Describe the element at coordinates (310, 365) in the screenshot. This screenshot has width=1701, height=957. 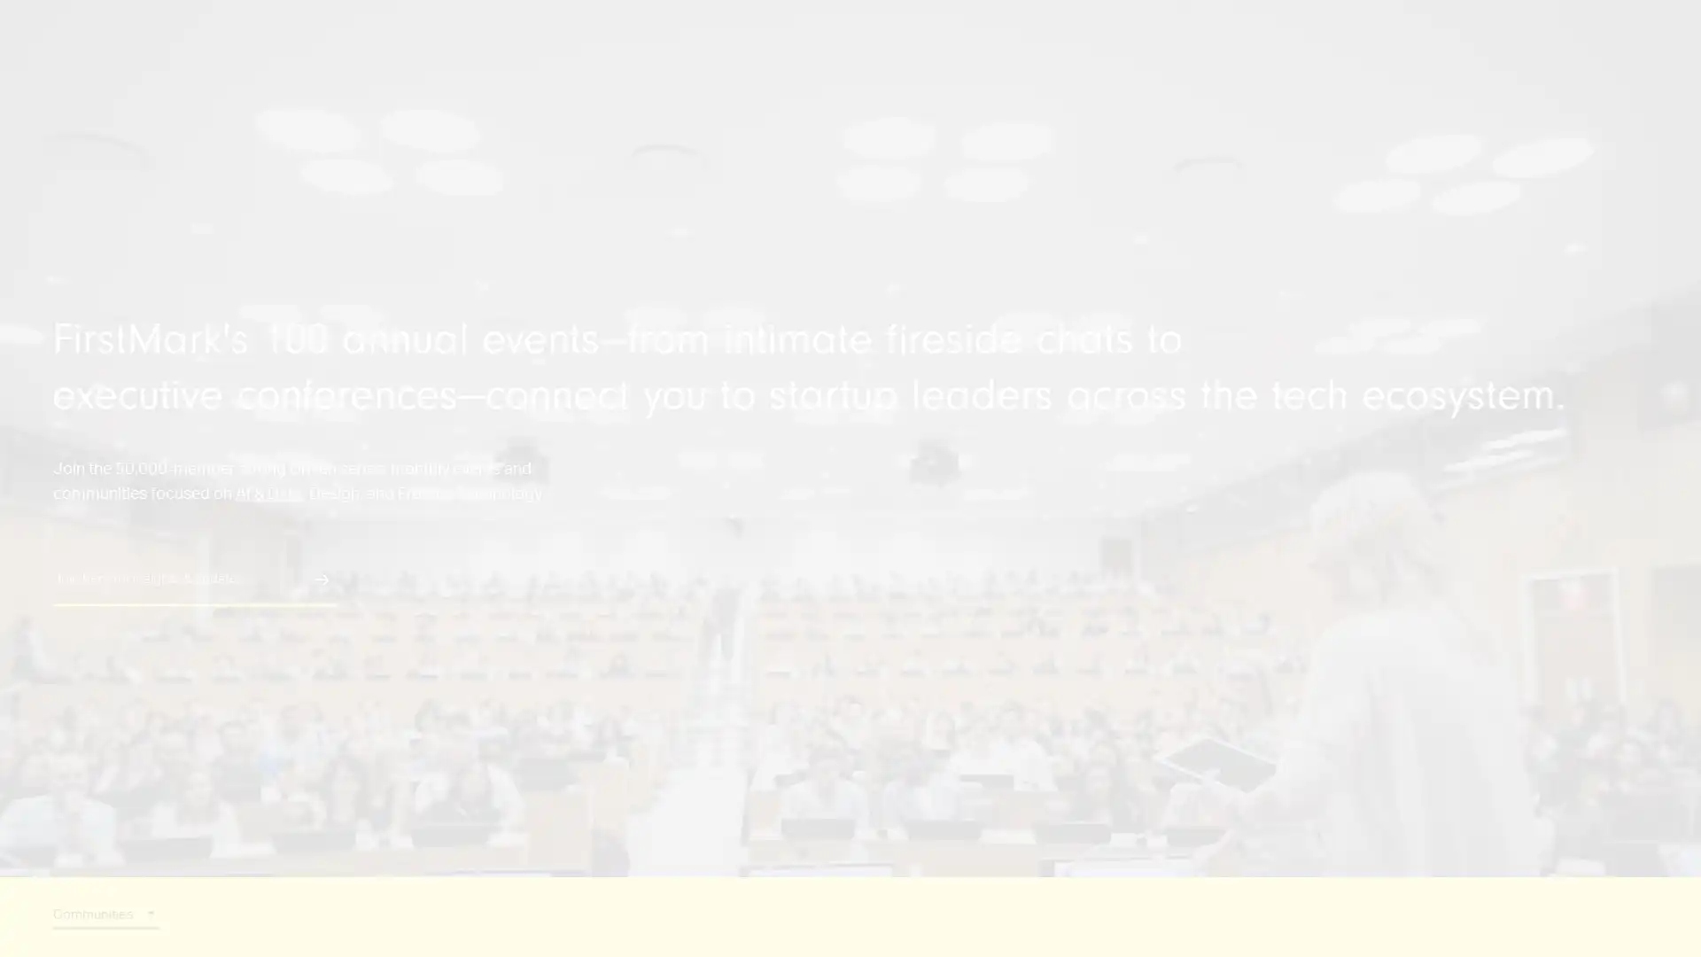
I see `Subscribe` at that location.